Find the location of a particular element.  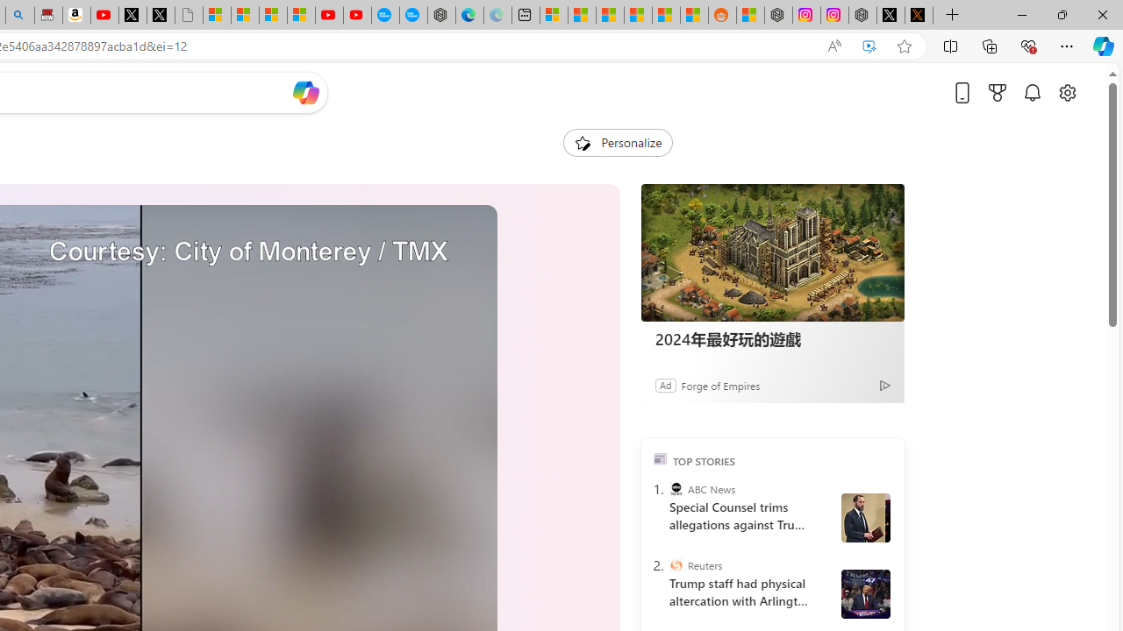

'Untitled' is located at coordinates (189, 15).